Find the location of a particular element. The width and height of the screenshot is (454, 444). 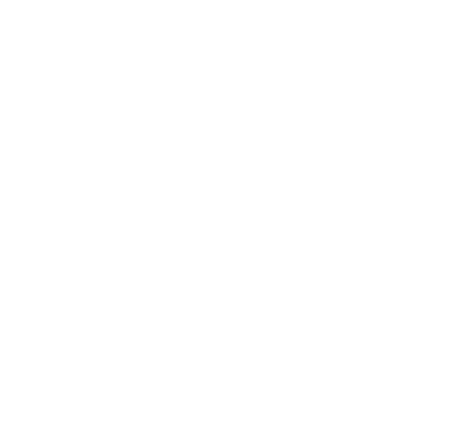

'What is RNA-Seq?' is located at coordinates (227, 369).